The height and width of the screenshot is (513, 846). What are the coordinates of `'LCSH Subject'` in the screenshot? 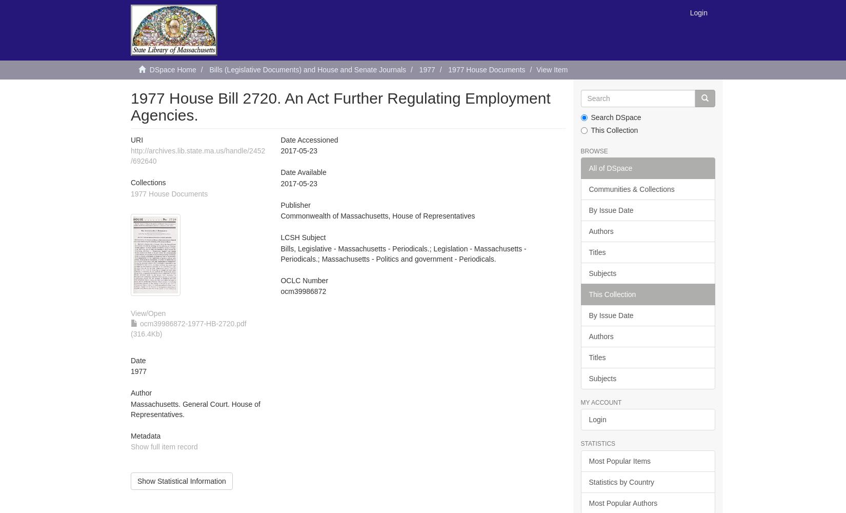 It's located at (303, 237).